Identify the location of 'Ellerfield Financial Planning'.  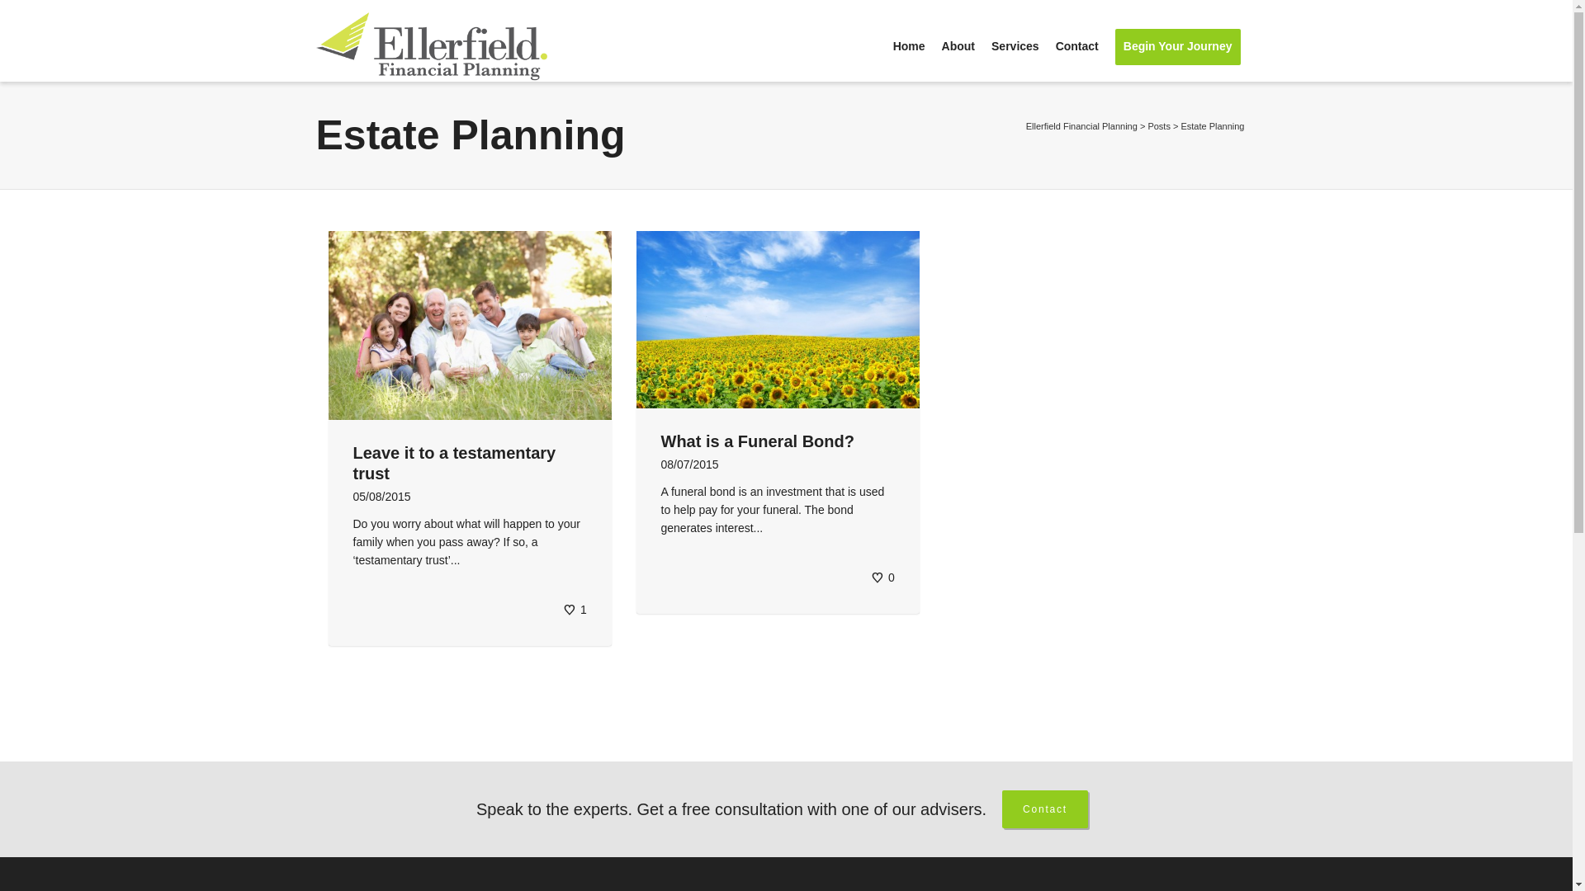
(1081, 125).